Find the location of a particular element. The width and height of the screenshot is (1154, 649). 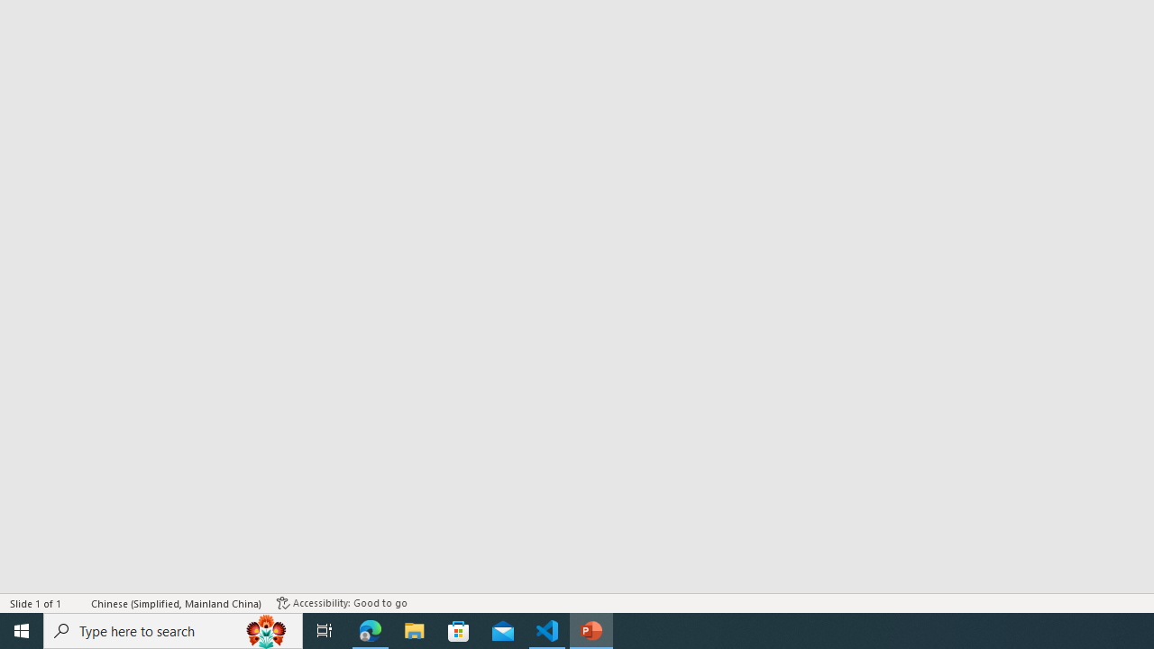

'Search highlights icon opens search home window' is located at coordinates (265, 629).